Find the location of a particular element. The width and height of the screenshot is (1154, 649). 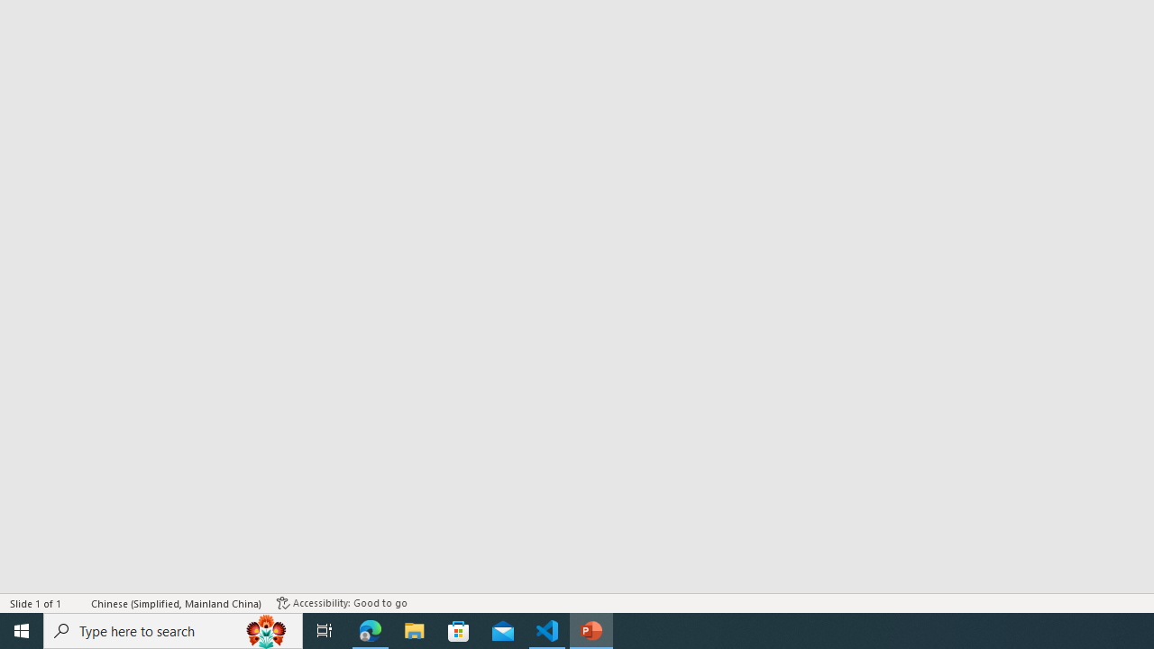

'Search highlights icon opens search home window' is located at coordinates (265, 629).